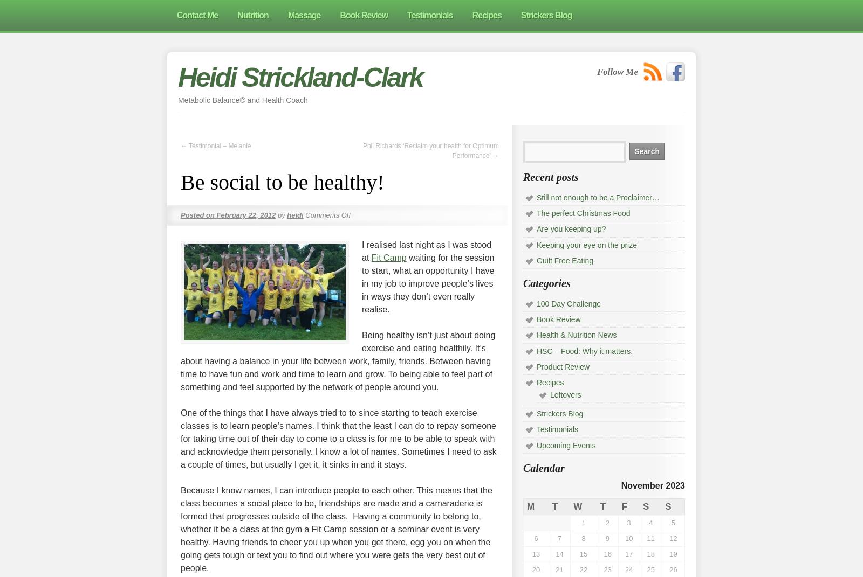 This screenshot has height=577, width=863. Describe the element at coordinates (338, 360) in the screenshot. I see `'Being healthy isn’t just about doing exercise and eating healthily. It’s about having a balance in your life between work, family, friends. Between having time to have fun and work and time to learn and grow. To being able to feel part of something and feel supported by the network of people around you.'` at that location.